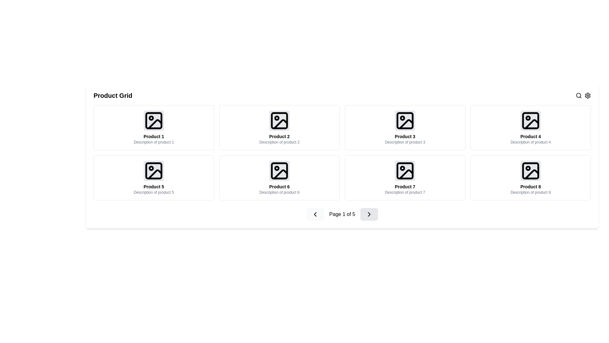  What do you see at coordinates (531, 142) in the screenshot?
I see `the small text label reading 'Description of product 4', which is located below the larger text label 'Product 4' in the fourth slot of a grid layout` at bounding box center [531, 142].